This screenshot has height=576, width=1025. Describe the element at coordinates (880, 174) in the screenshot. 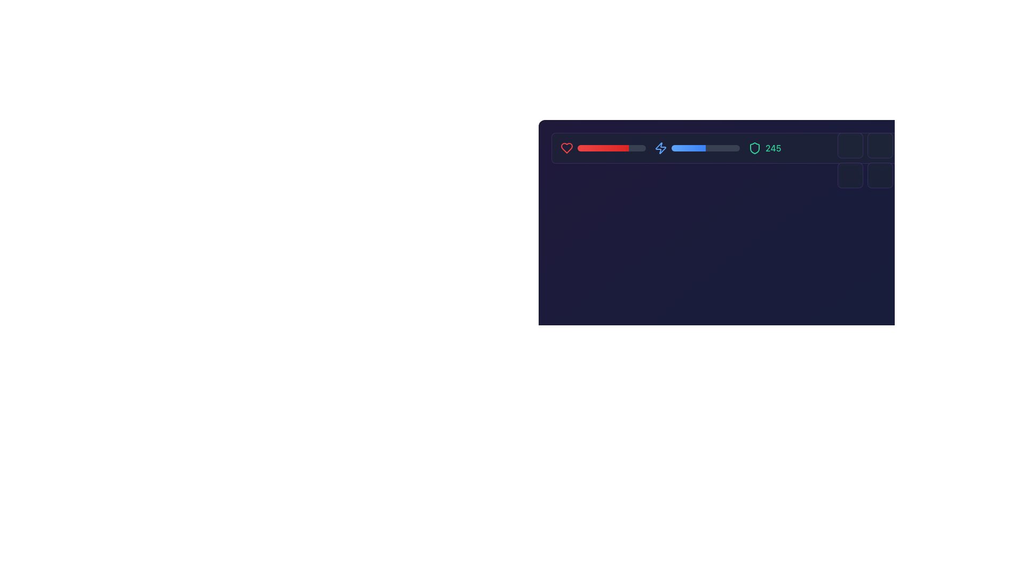

I see `the dark gray button with a rounded appearance and a subtle purple border effect located in the second row and second column of a 2x4 grid at the top-right corner of the interface` at that location.